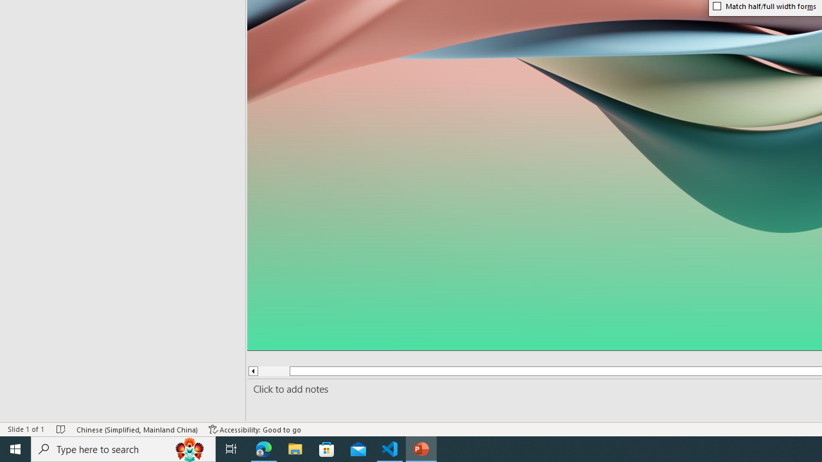  Describe the element at coordinates (255, 429) in the screenshot. I see `'Accessibility Checker Accessibility: Good to go'` at that location.